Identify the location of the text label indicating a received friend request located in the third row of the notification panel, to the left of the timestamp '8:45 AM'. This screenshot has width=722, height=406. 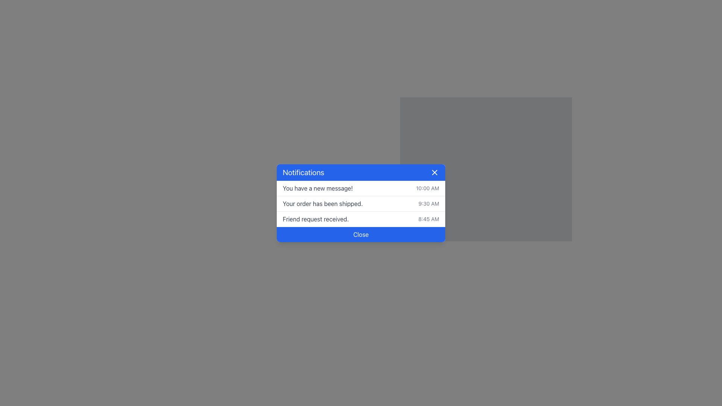
(315, 219).